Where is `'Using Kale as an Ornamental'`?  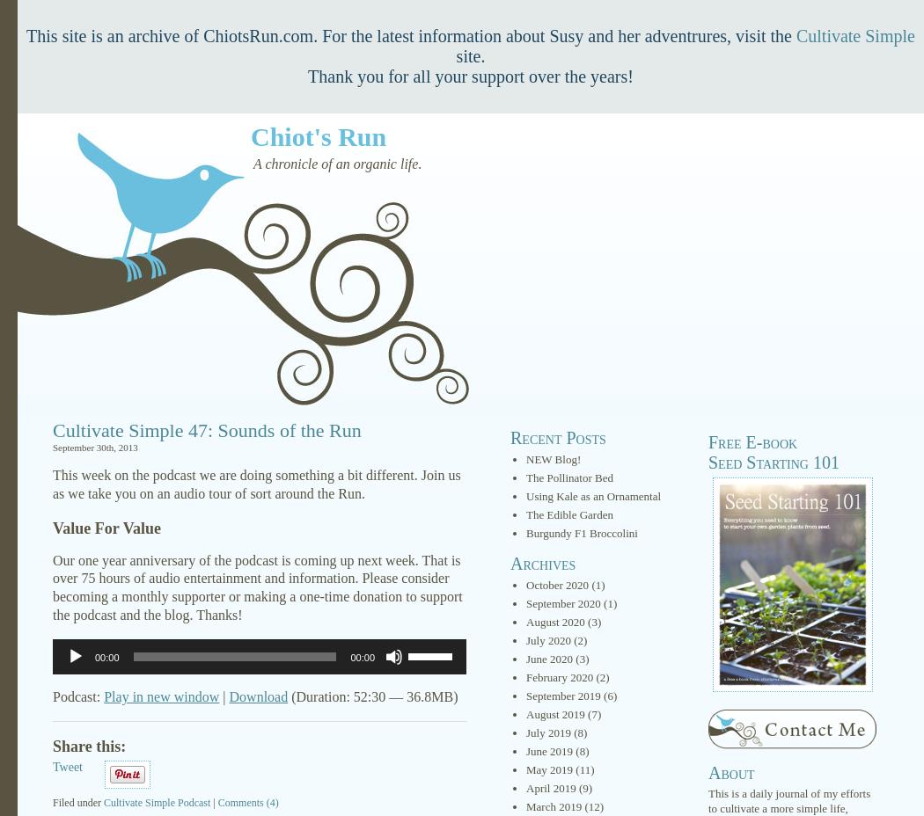
'Using Kale as an Ornamental' is located at coordinates (592, 495).